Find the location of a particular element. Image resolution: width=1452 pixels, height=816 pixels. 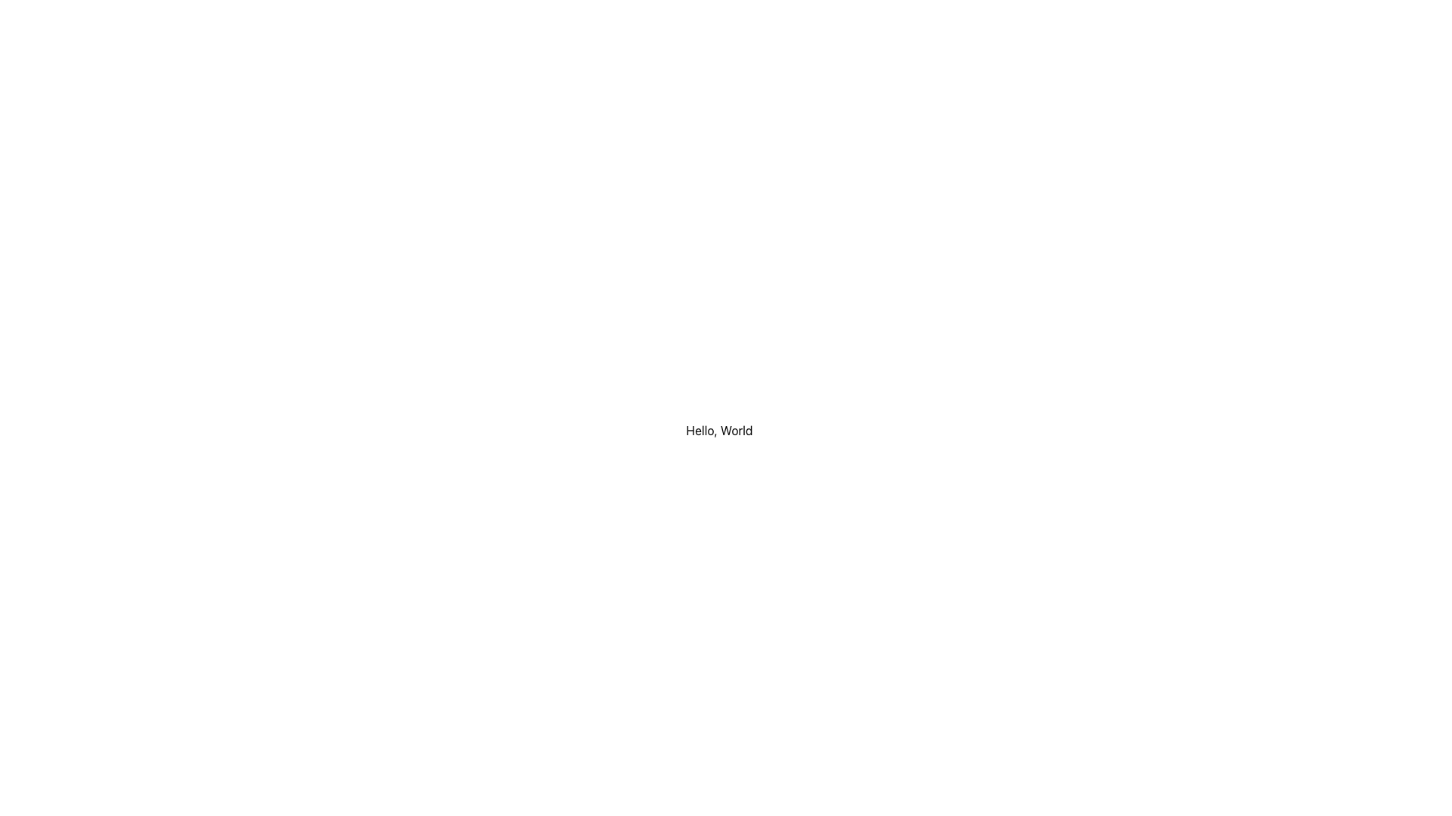

the Text Display element that shows 'Hello, World', which is centrally located within a larger rectangular area with a white background is located at coordinates (718, 431).